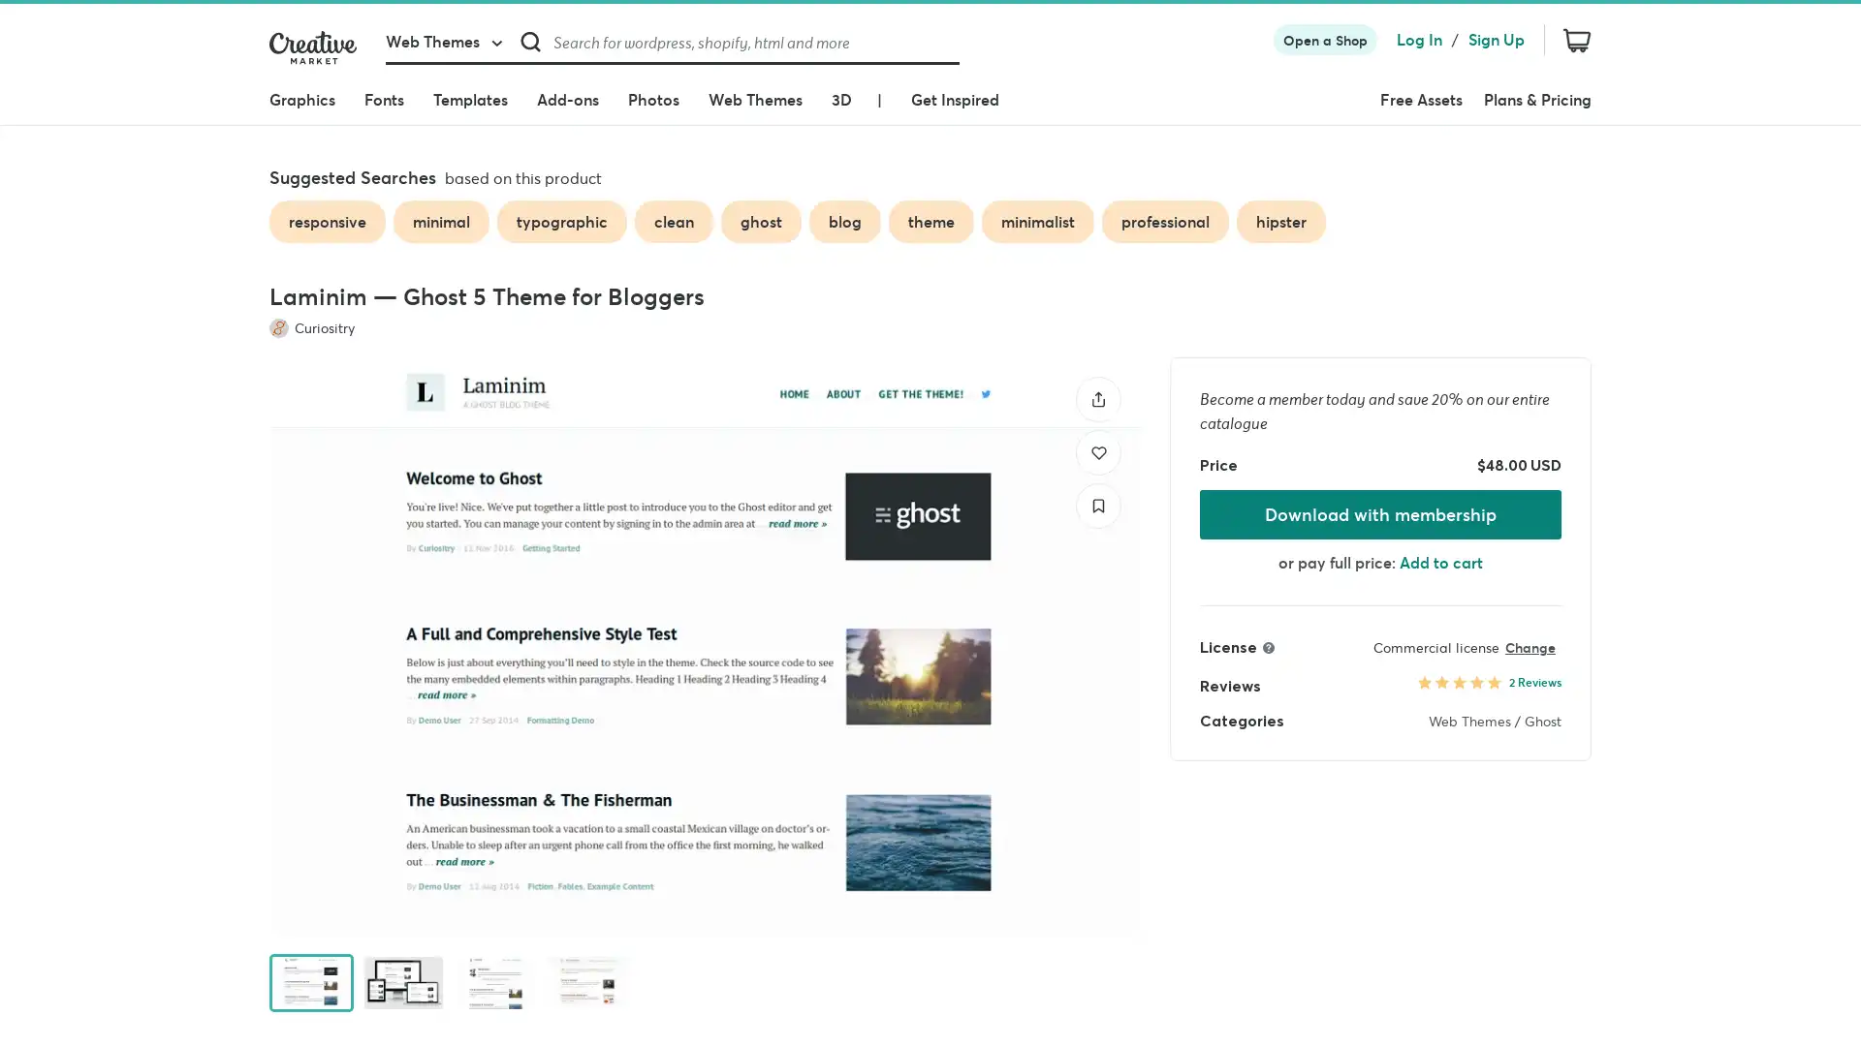 The image size is (1861, 1046). Describe the element at coordinates (1098, 451) in the screenshot. I see `Like` at that location.